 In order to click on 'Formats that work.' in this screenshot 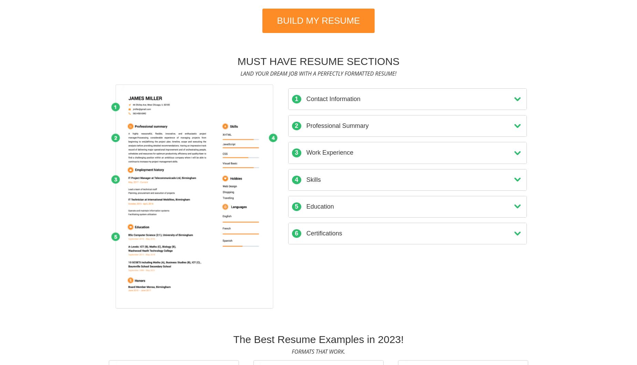, I will do `click(318, 351)`.